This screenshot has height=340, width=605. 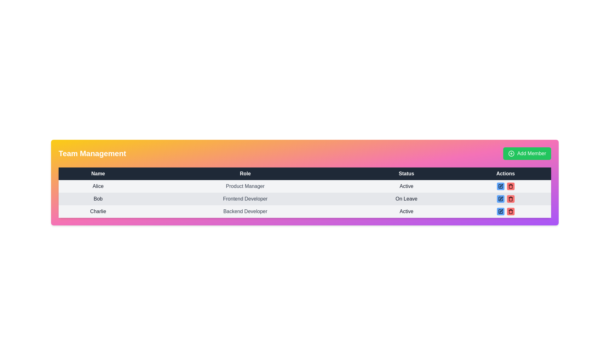 I want to click on the Text Label displaying the name 'Alice' located in the first row of the tabular presentation under the 'Name' column, so click(x=98, y=186).